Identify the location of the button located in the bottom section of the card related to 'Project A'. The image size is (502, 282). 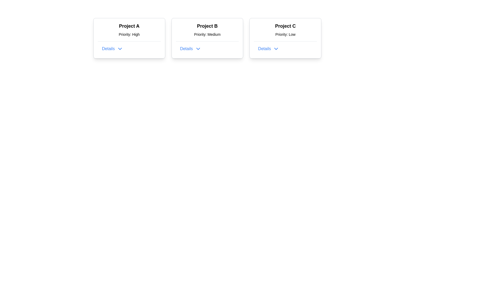
(129, 48).